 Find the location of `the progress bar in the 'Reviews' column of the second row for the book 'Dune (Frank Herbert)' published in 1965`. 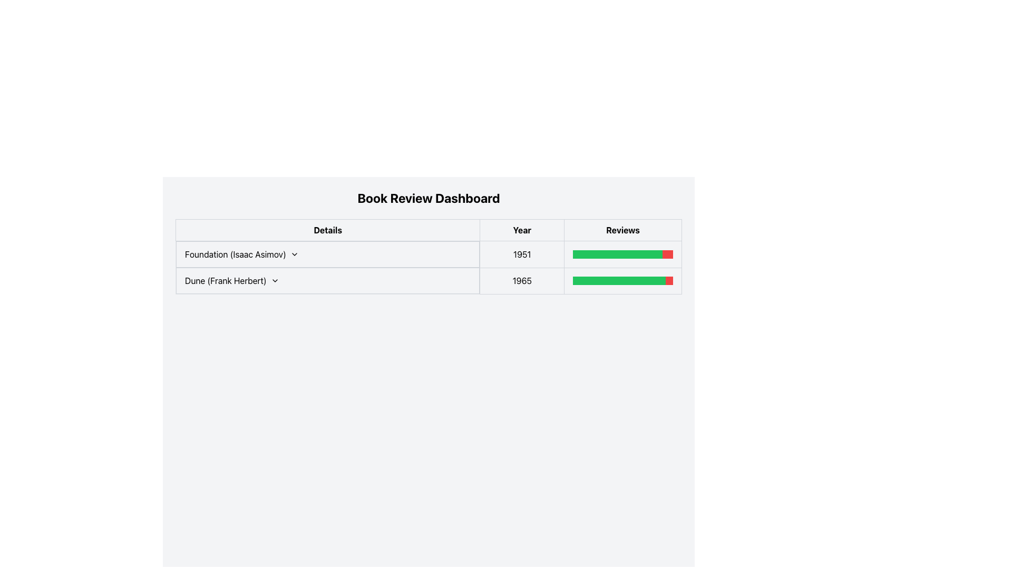

the progress bar in the 'Reviews' column of the second row for the book 'Dune (Frank Herbert)' published in 1965 is located at coordinates (623, 280).